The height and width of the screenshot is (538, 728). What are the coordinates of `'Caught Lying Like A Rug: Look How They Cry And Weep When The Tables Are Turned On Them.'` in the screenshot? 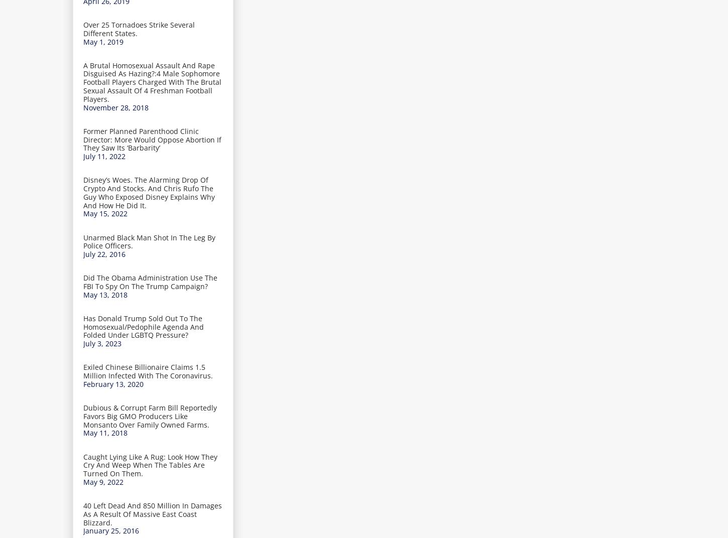 It's located at (83, 465).